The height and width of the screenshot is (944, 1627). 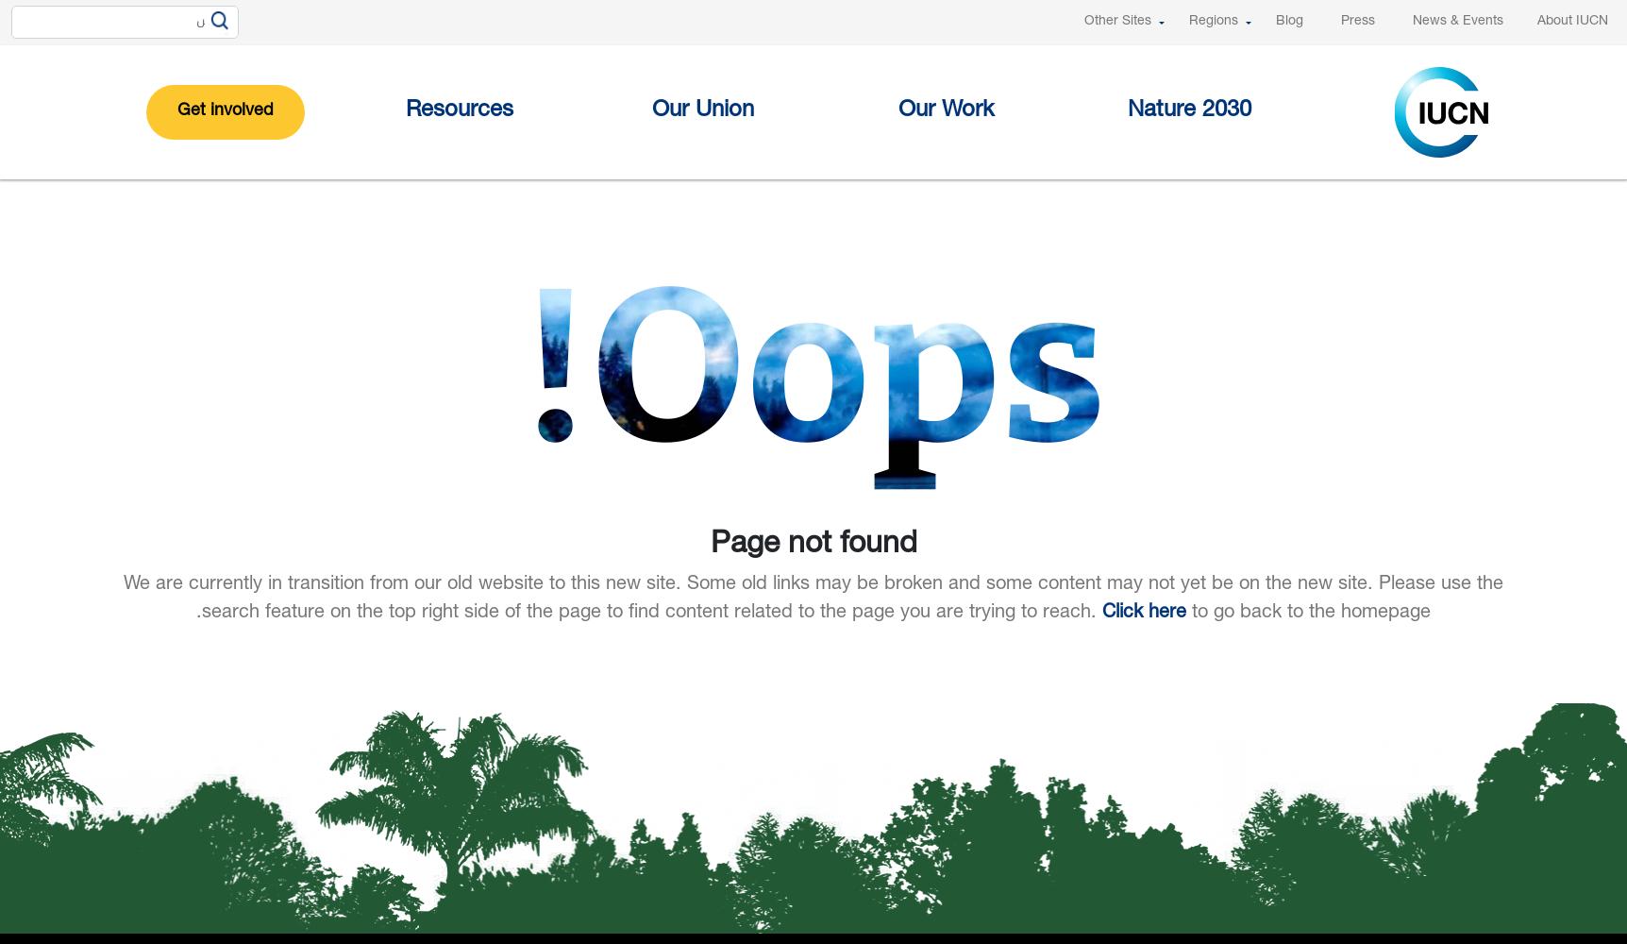 I want to click on 'Freshwater and water security', so click(x=991, y=412).